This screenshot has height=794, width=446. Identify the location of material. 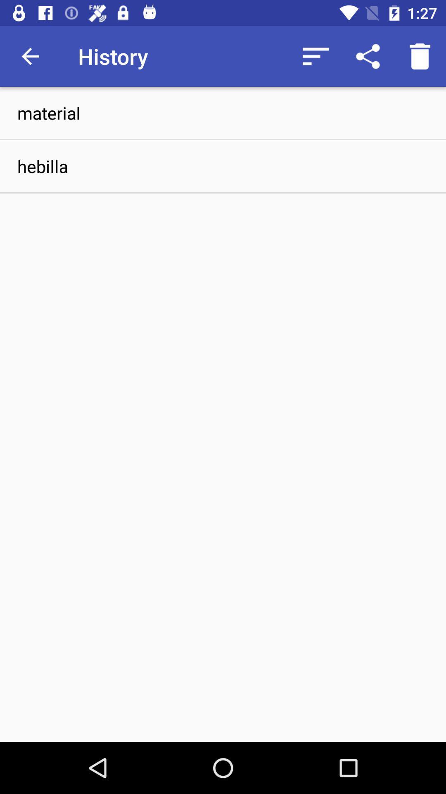
(223, 112).